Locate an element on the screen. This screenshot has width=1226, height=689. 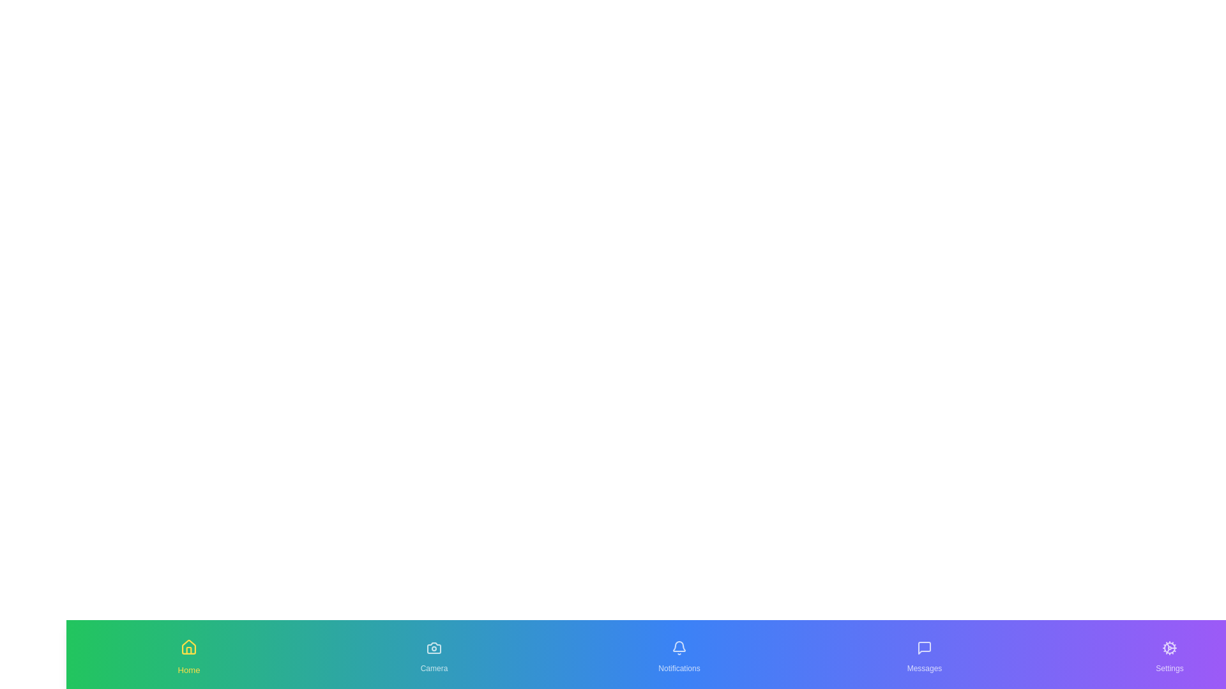
the tab labeled Messages is located at coordinates (925, 655).